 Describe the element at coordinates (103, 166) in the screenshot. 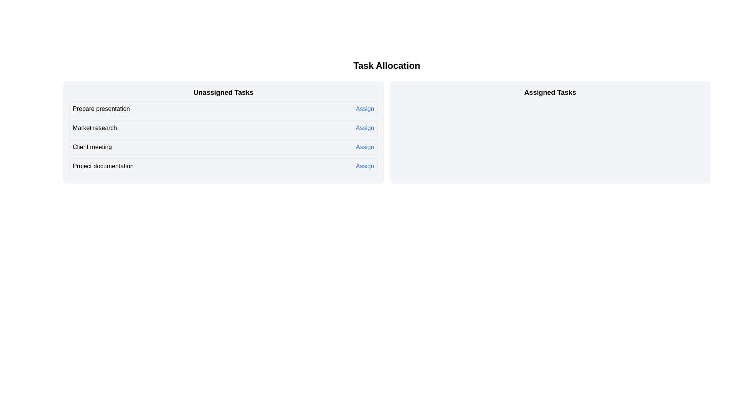

I see `the text label indicating 'Project documentation', located under the heading 'Unassigned Tasks' as the fourth item in the task list` at that location.